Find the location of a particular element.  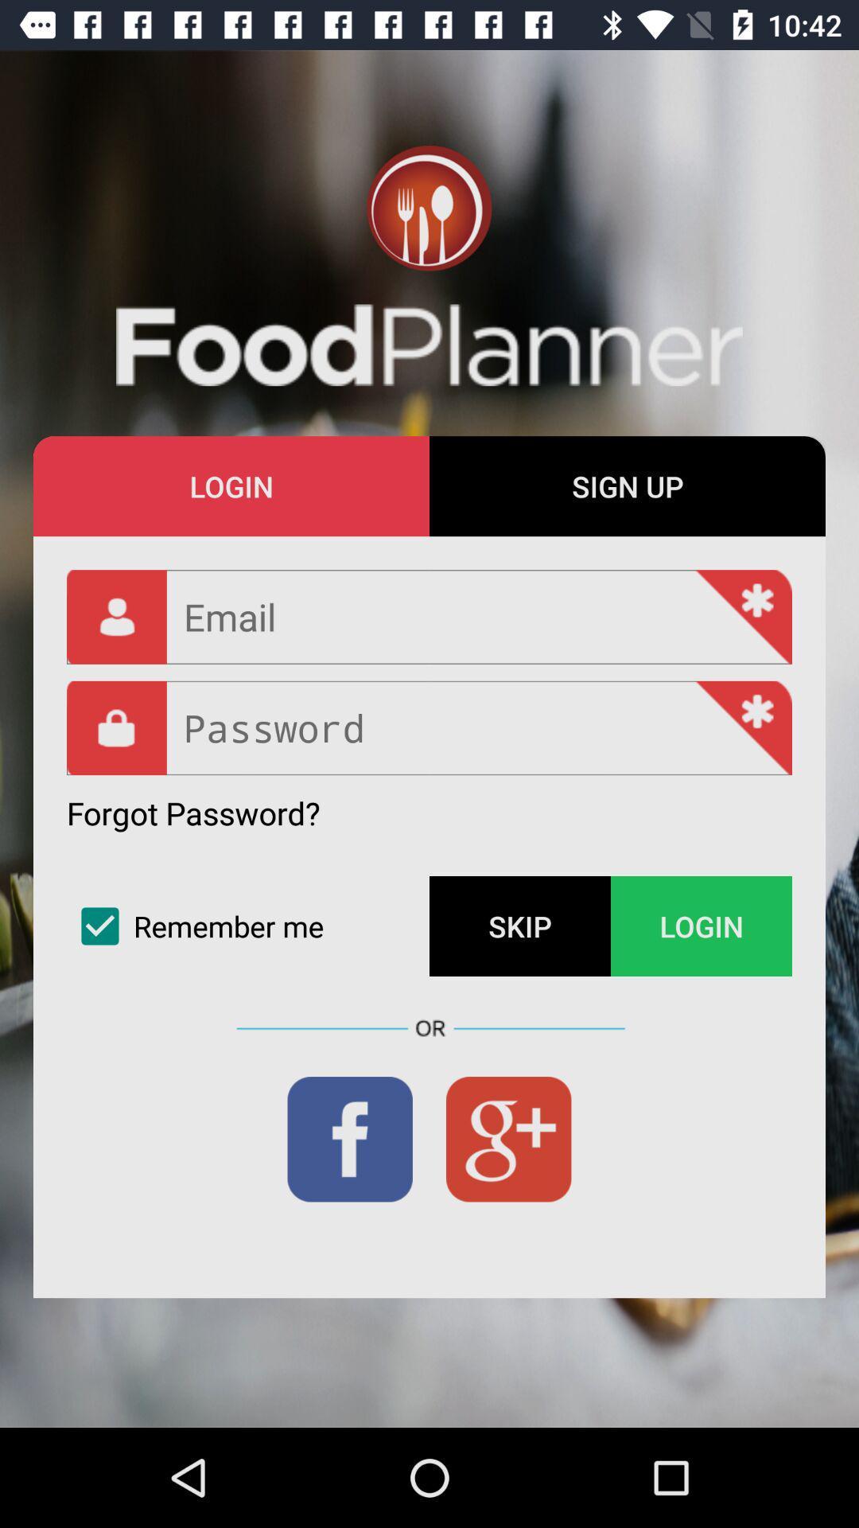

the item next to login is located at coordinates (627, 485).